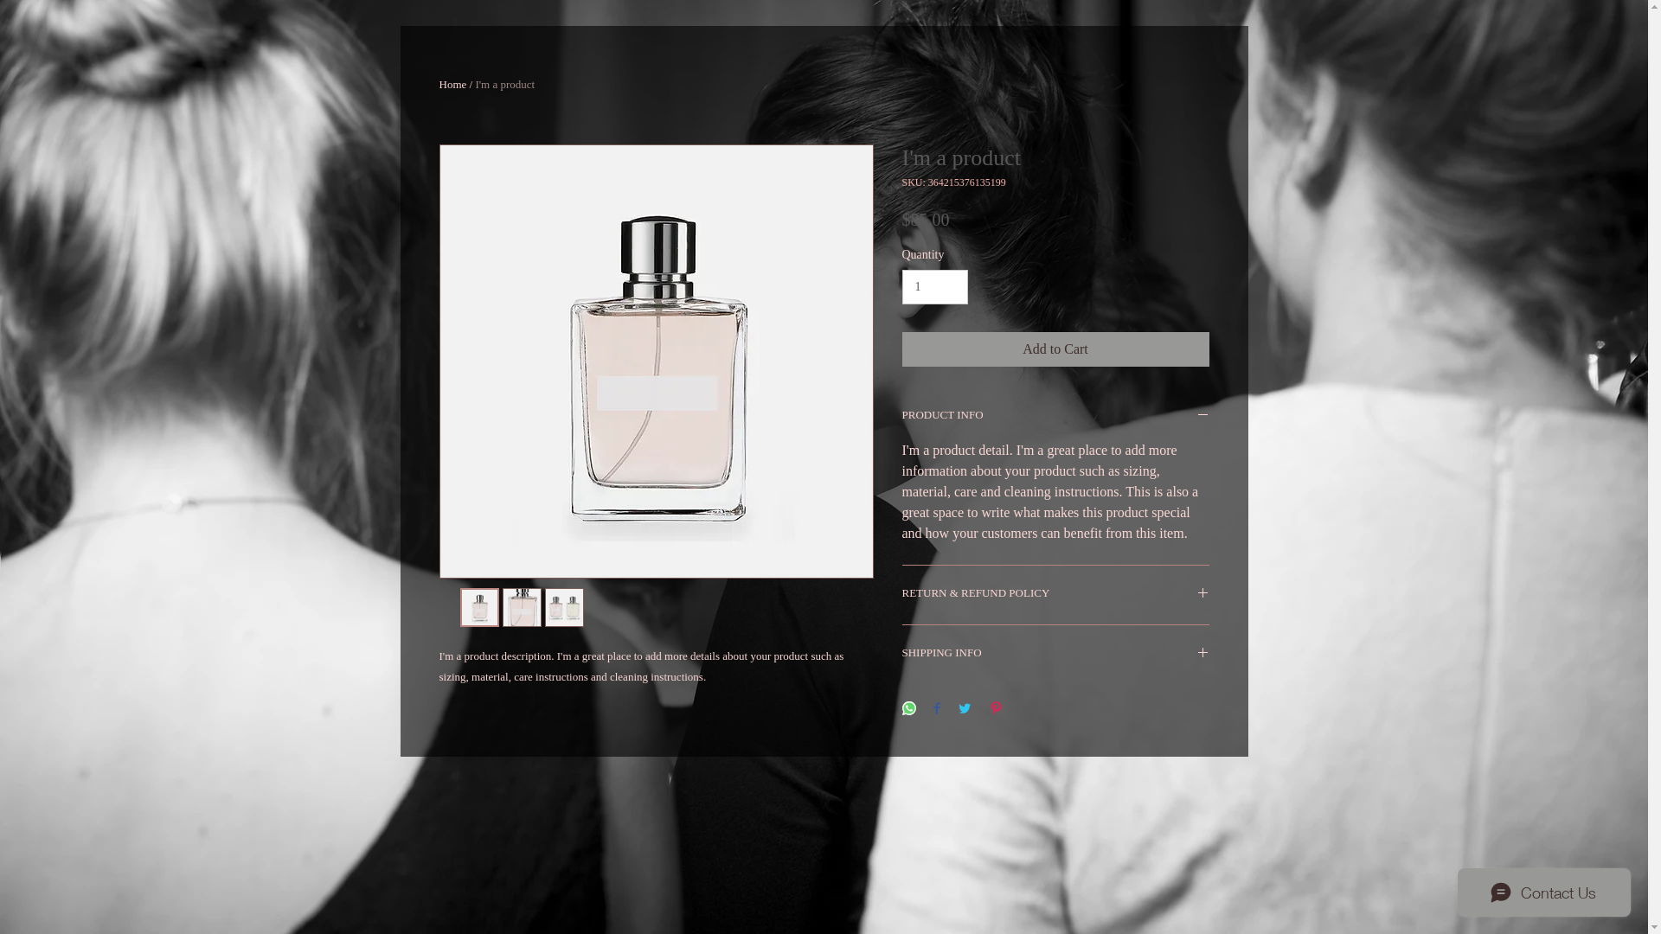  What do you see at coordinates (452, 84) in the screenshot?
I see `'Home'` at bounding box center [452, 84].